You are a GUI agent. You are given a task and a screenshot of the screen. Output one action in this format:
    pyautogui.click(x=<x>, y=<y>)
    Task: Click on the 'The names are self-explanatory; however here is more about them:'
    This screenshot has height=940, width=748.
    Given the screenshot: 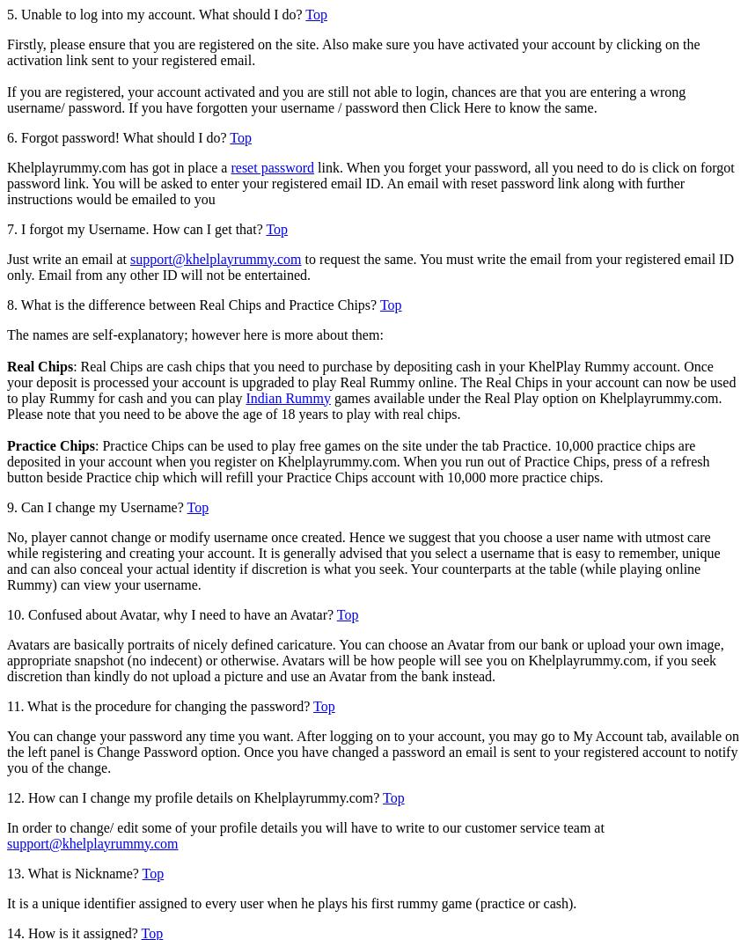 What is the action you would take?
    pyautogui.click(x=194, y=333)
    